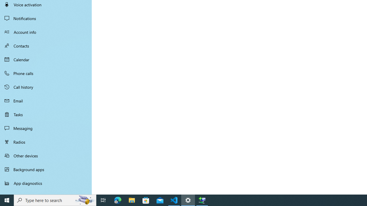  Describe the element at coordinates (46, 32) in the screenshot. I see `'Account info'` at that location.